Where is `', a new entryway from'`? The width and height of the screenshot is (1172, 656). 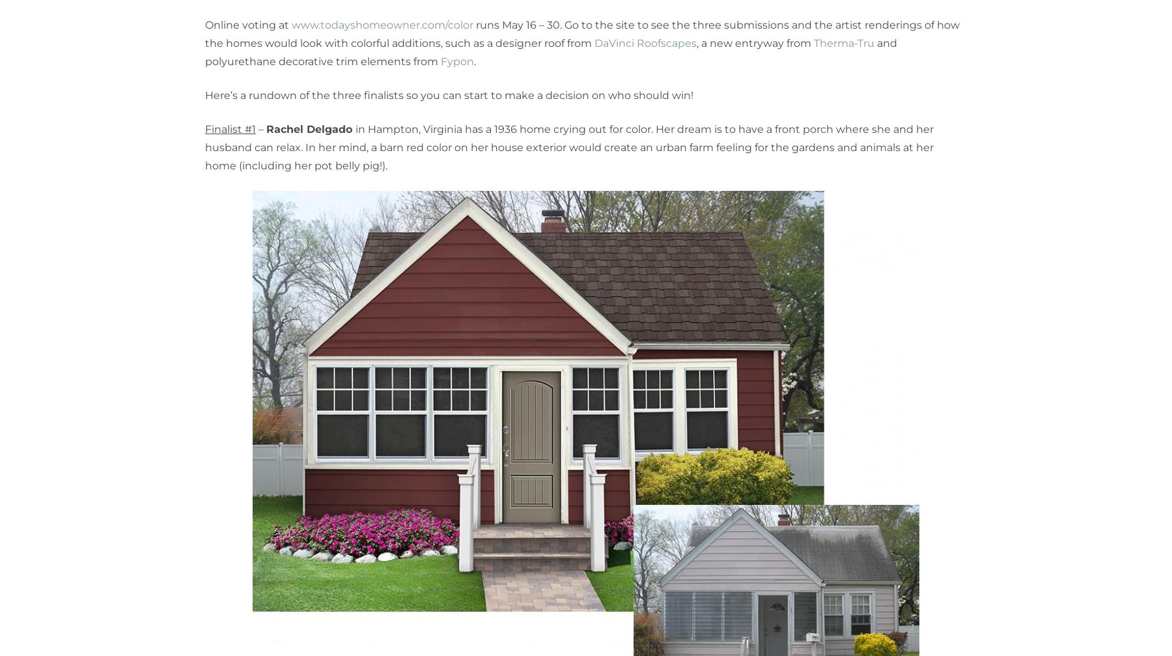
', a new entryway from' is located at coordinates (754, 43).